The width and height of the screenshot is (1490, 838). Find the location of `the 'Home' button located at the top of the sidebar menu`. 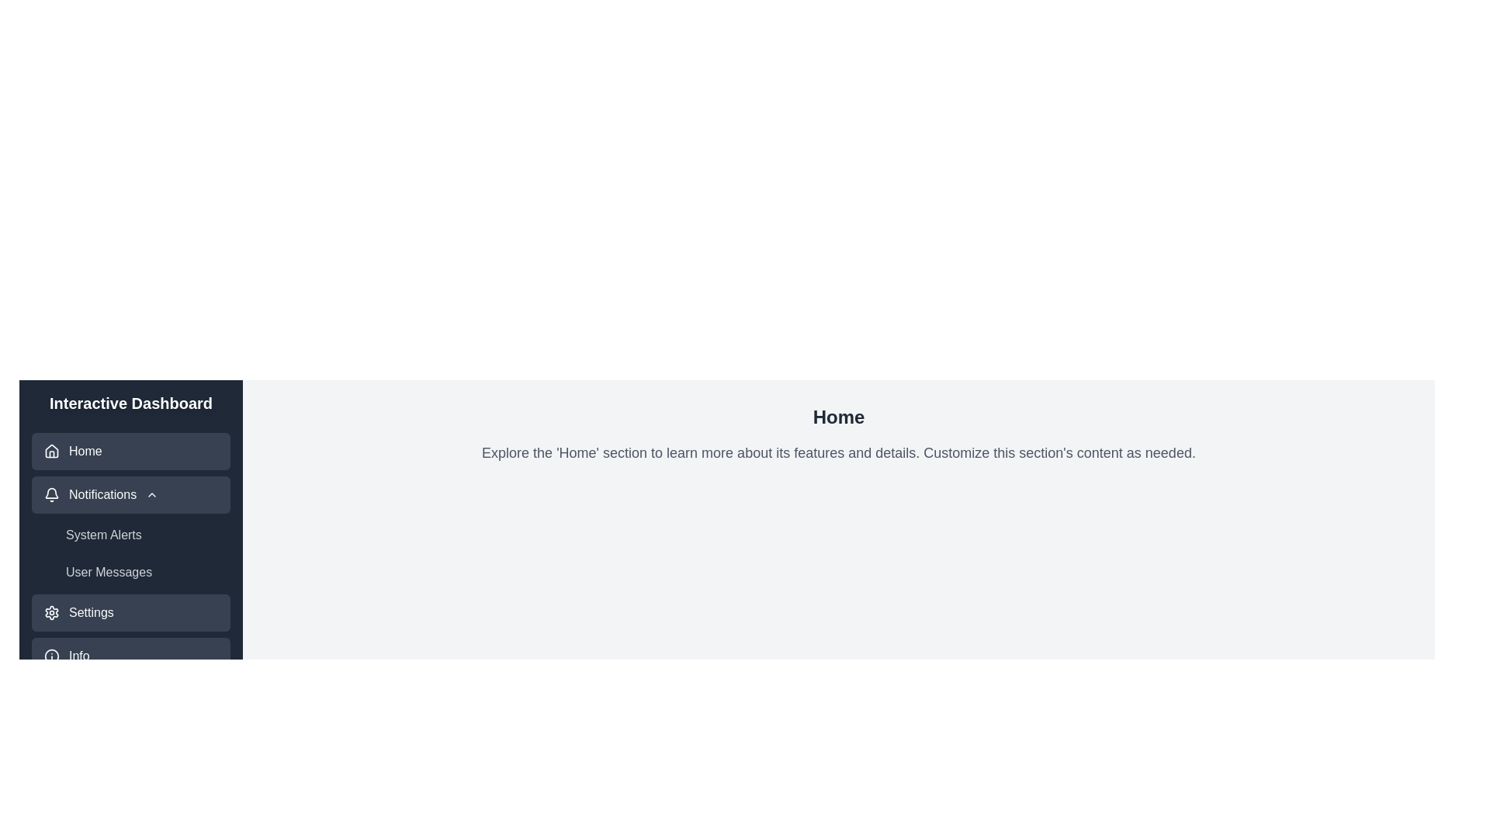

the 'Home' button located at the top of the sidebar menu is located at coordinates (130, 452).